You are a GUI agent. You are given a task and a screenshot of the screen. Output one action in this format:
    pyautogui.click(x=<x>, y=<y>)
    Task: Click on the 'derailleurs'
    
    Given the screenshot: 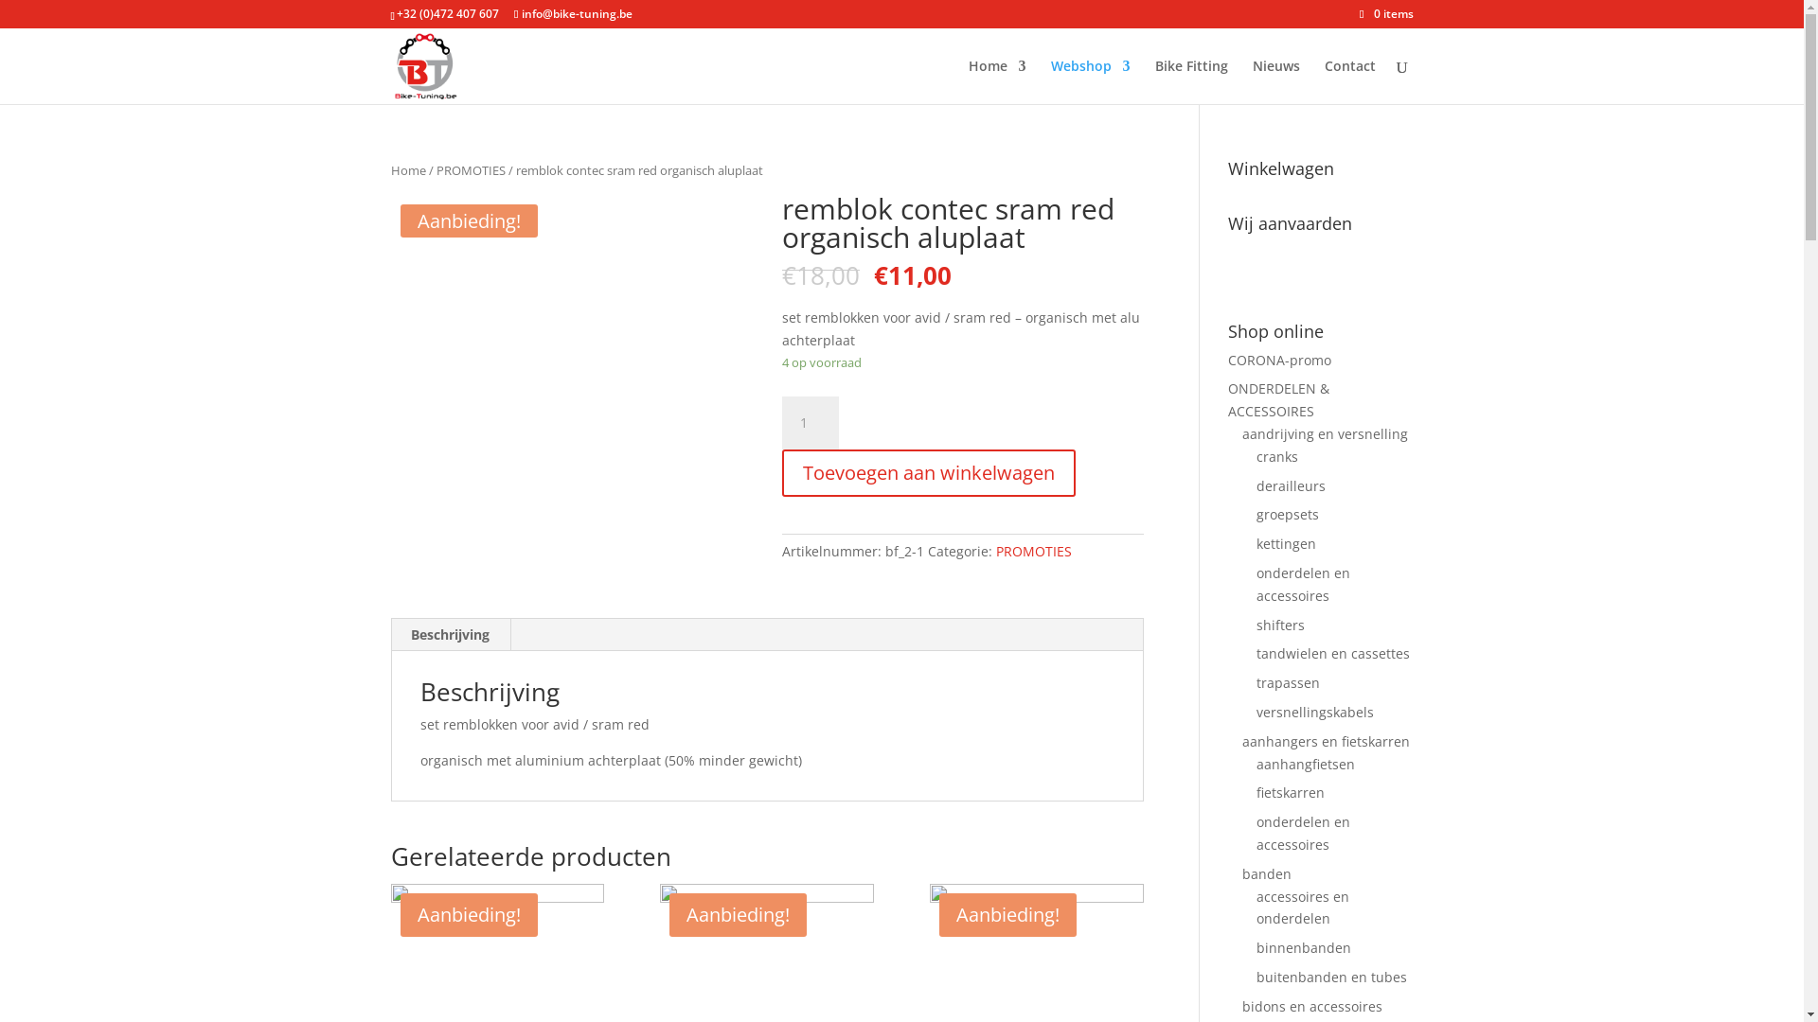 What is the action you would take?
    pyautogui.click(x=1290, y=485)
    